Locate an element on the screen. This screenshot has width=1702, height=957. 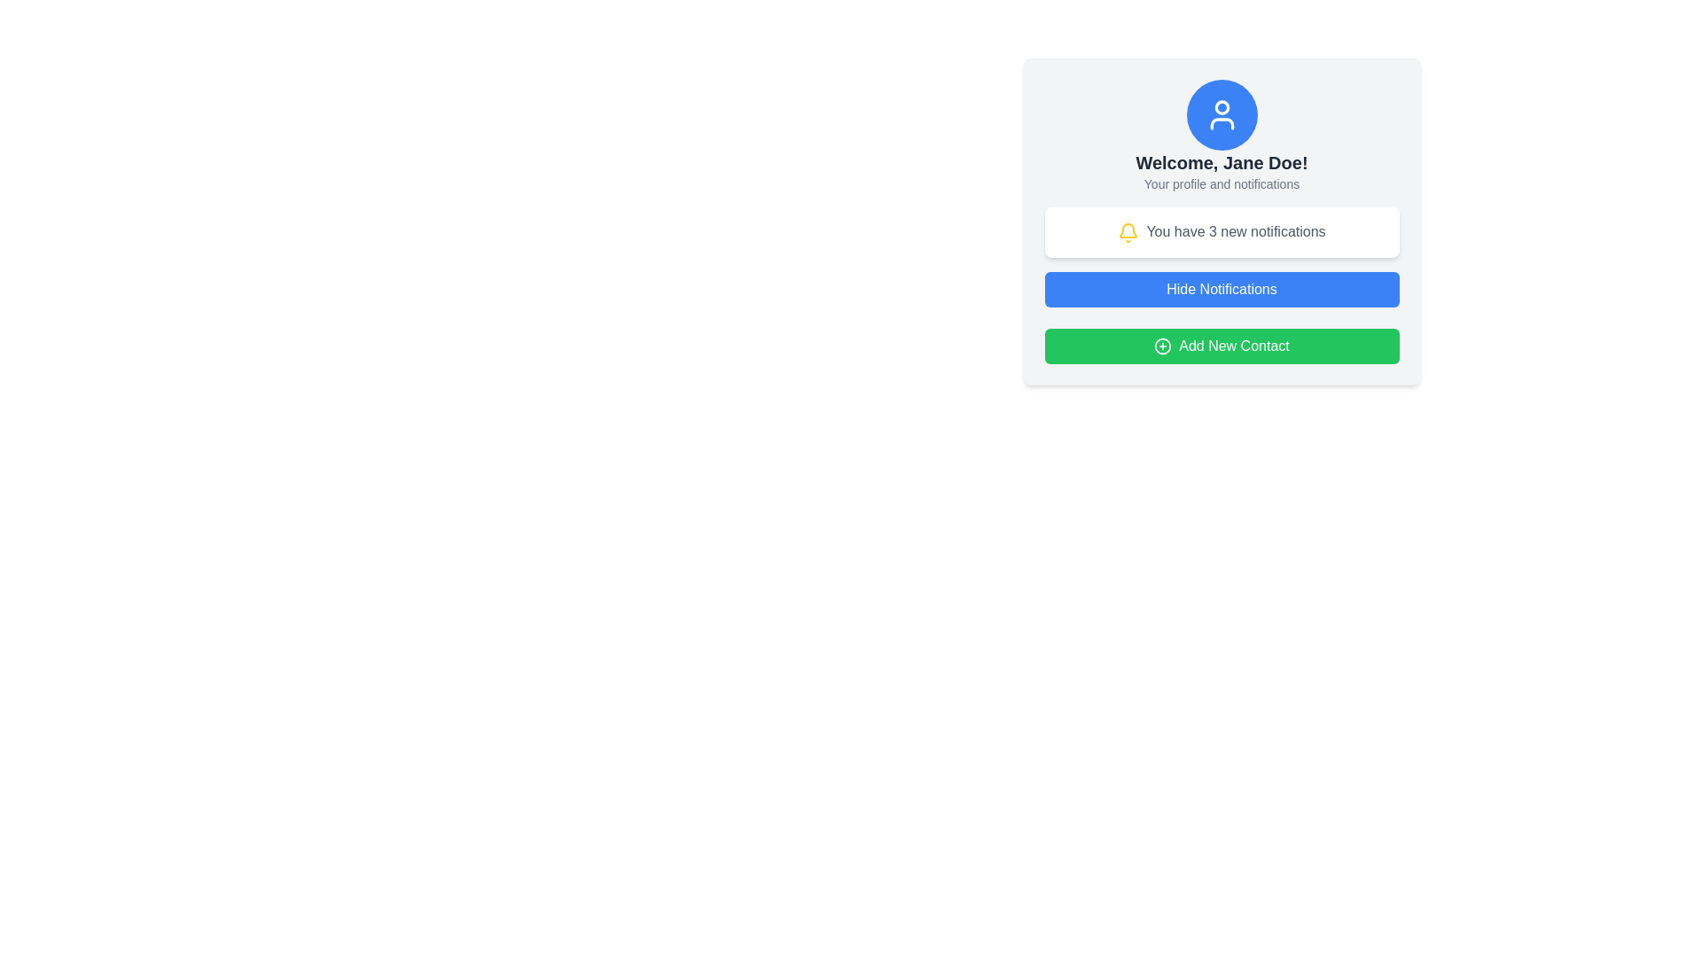
the green button labeled 'Add New Contact' with a plus sign icon is located at coordinates (1221, 346).